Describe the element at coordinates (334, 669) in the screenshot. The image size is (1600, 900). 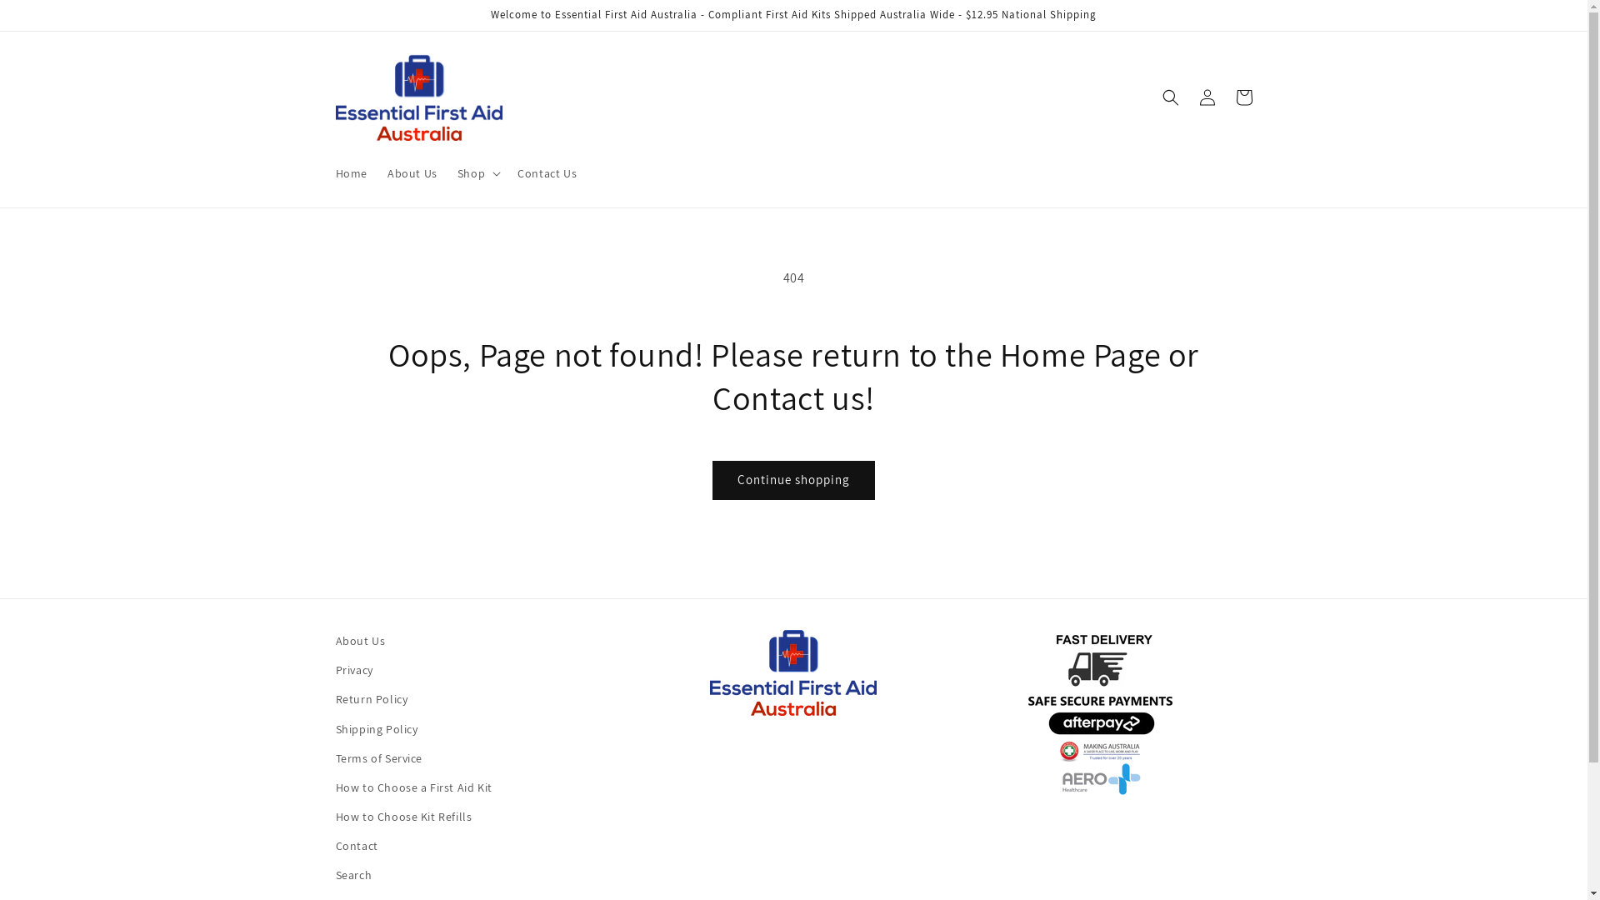
I see `'Privacy'` at that location.